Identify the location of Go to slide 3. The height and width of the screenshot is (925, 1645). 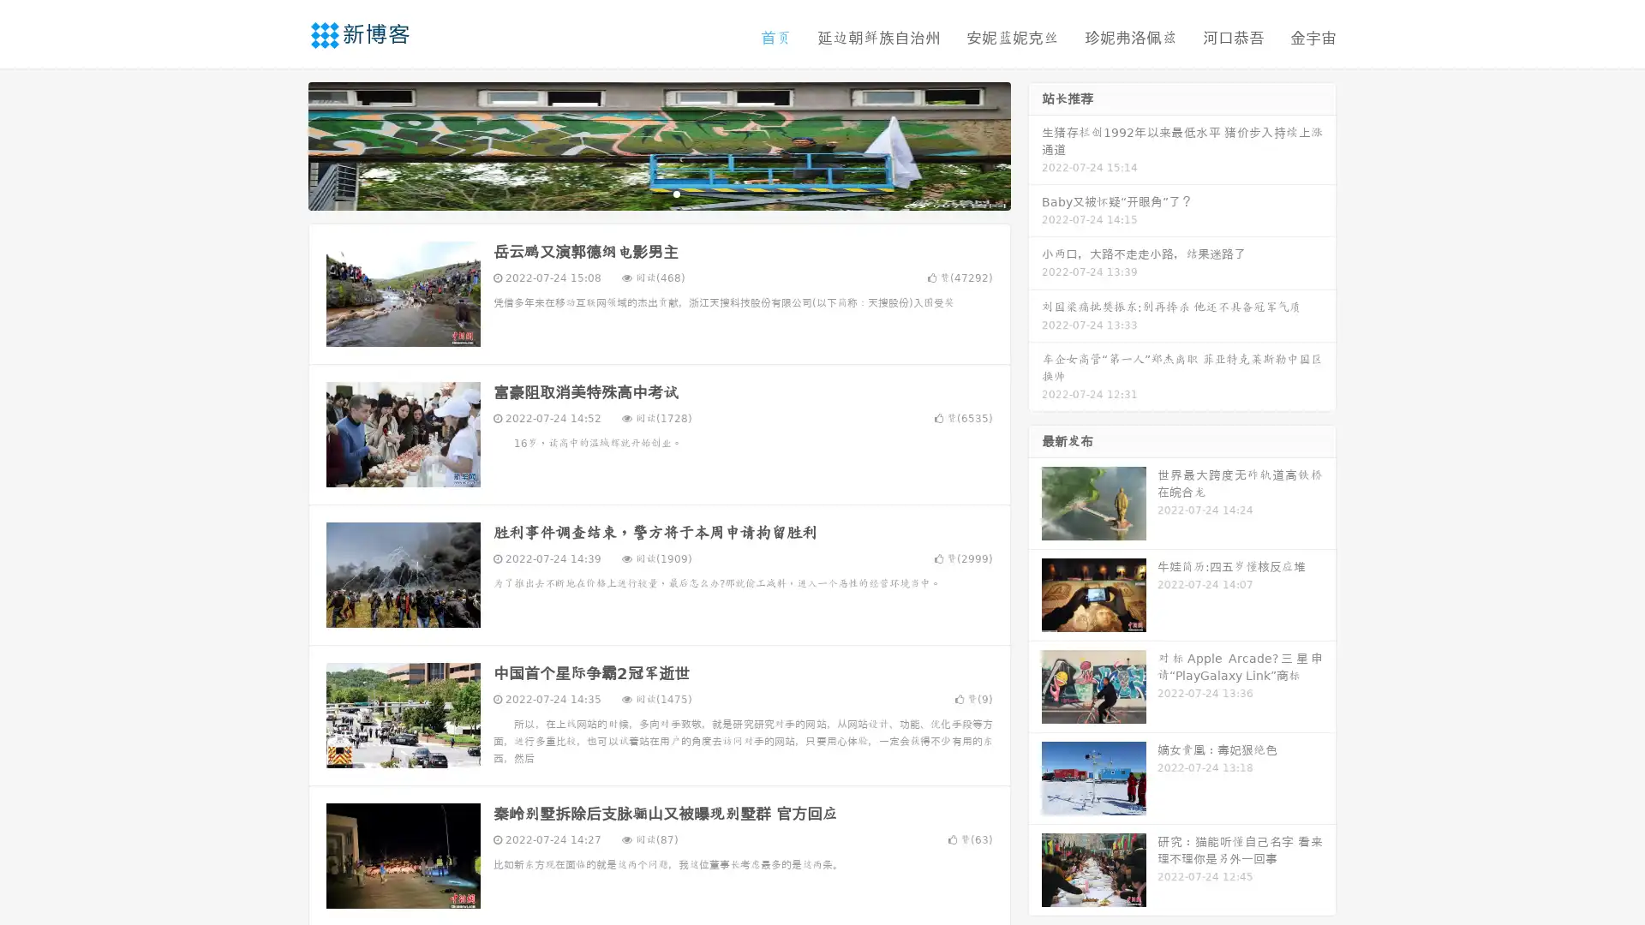
(676, 193).